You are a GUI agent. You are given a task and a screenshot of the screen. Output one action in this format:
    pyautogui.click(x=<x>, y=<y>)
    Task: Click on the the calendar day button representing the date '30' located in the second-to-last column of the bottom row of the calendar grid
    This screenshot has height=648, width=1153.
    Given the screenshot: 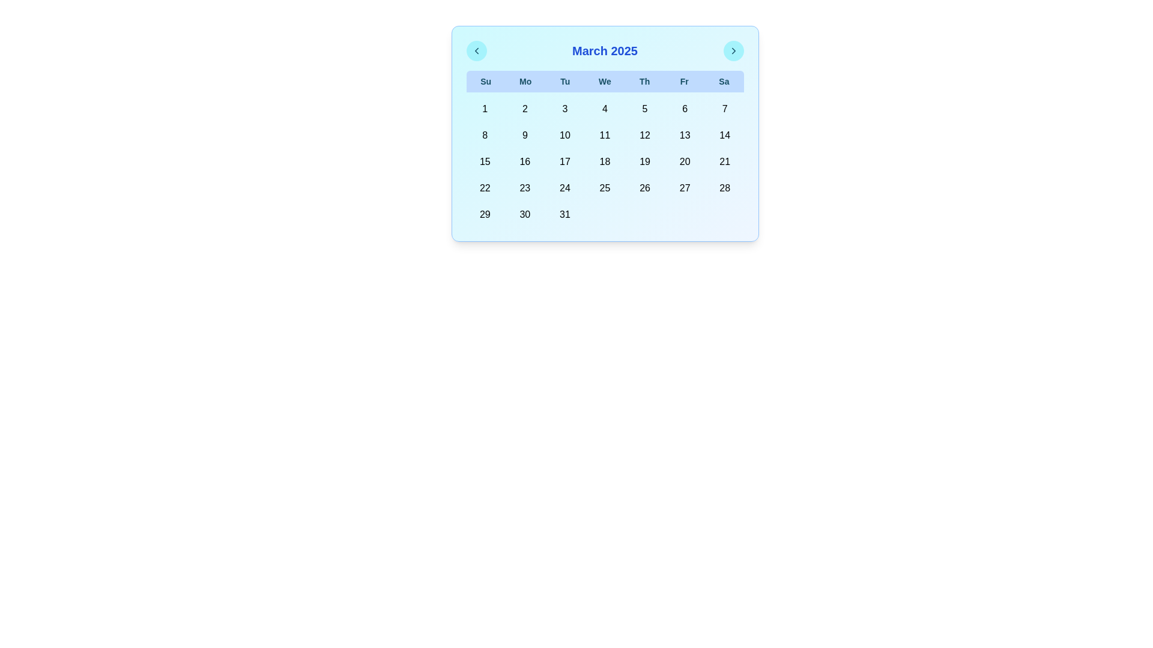 What is the action you would take?
    pyautogui.click(x=524, y=214)
    